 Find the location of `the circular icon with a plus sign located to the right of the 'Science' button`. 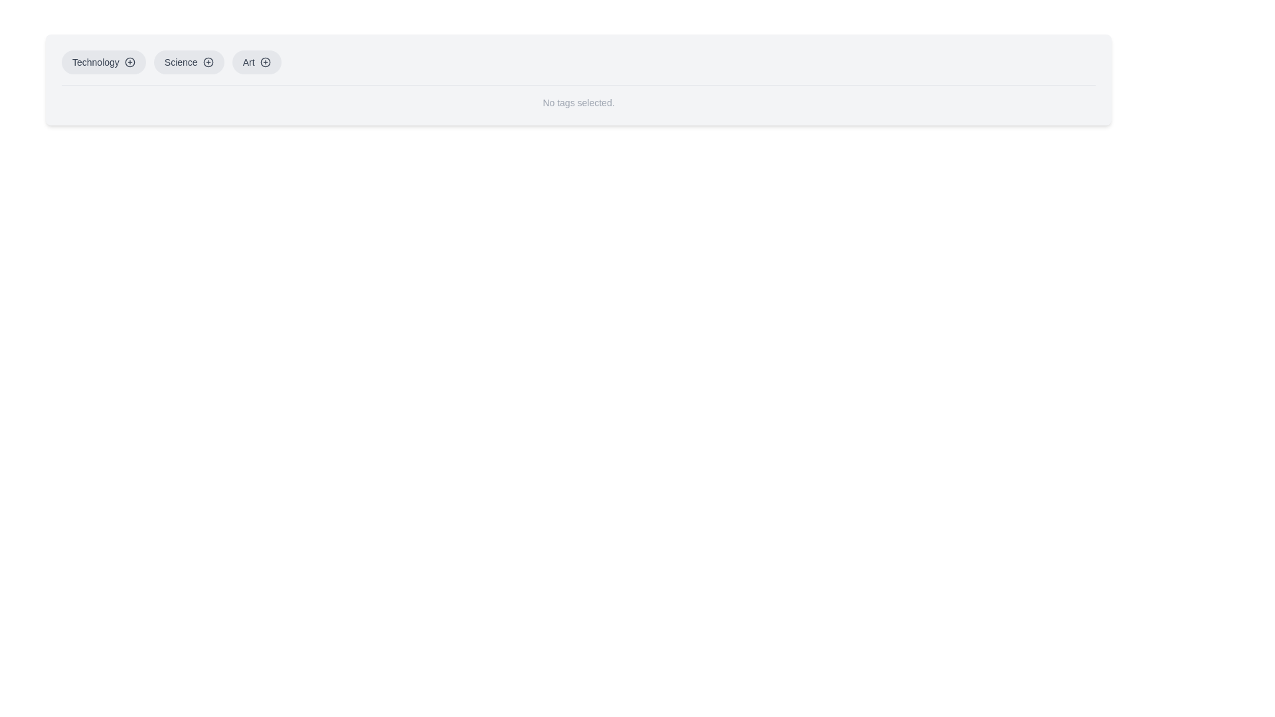

the circular icon with a plus sign located to the right of the 'Science' button is located at coordinates (207, 62).